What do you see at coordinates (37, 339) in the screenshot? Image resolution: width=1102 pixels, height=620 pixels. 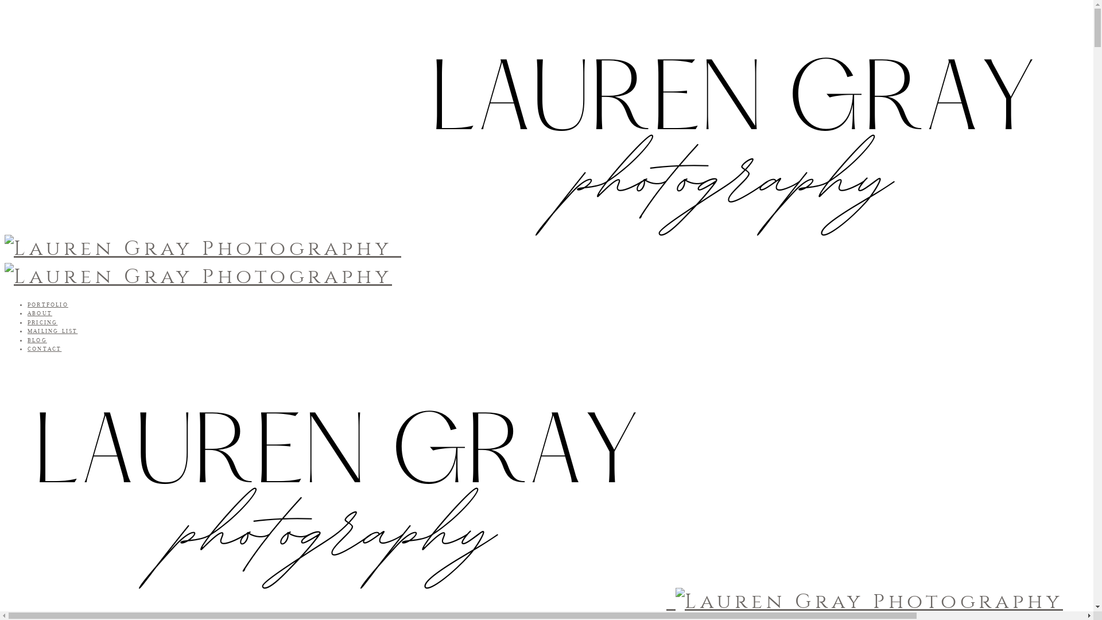 I see `'BLOG'` at bounding box center [37, 339].